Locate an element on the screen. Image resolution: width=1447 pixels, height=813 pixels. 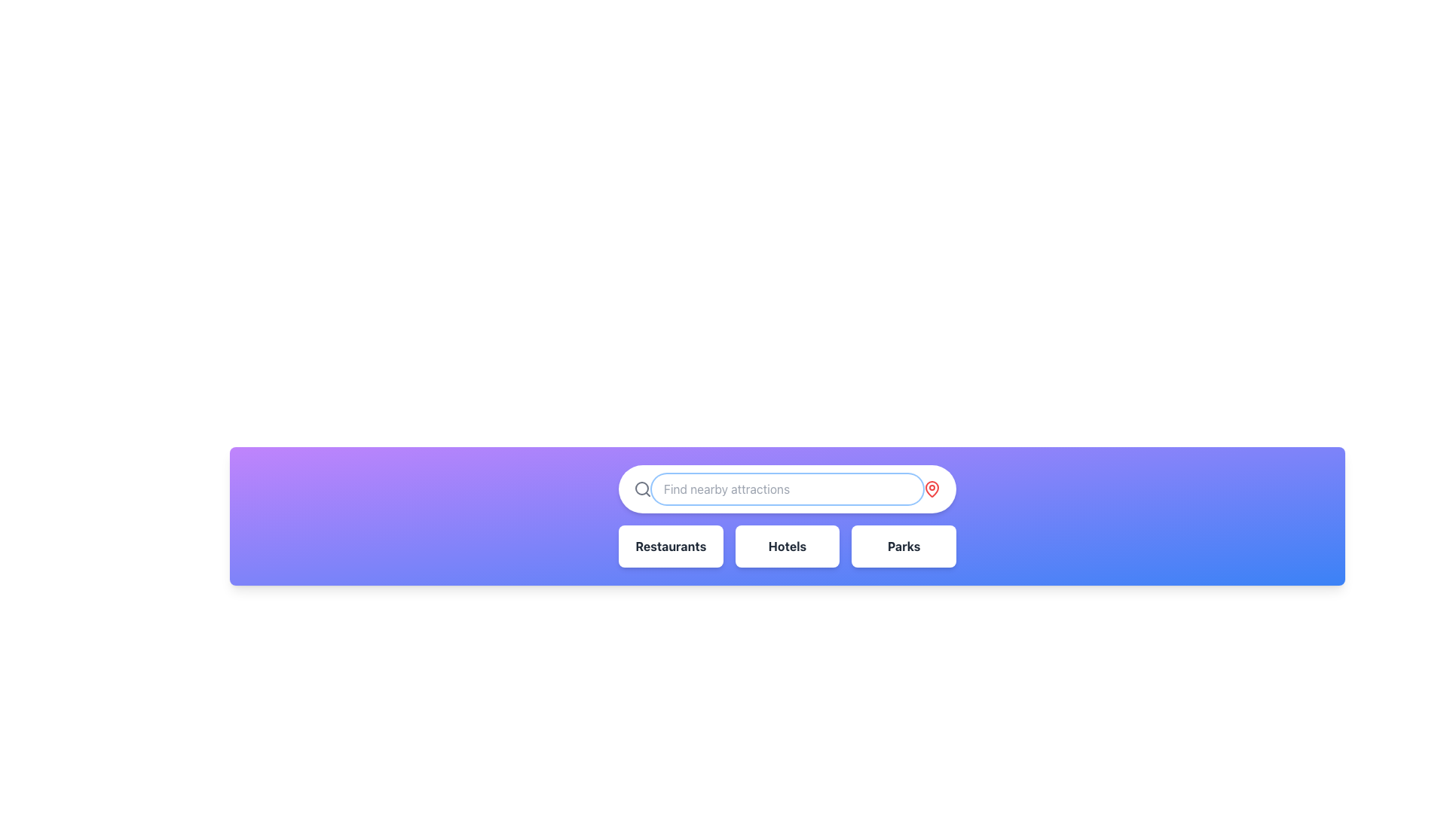
the map pin icon located at the far-right end of the search bar is located at coordinates (932, 489).